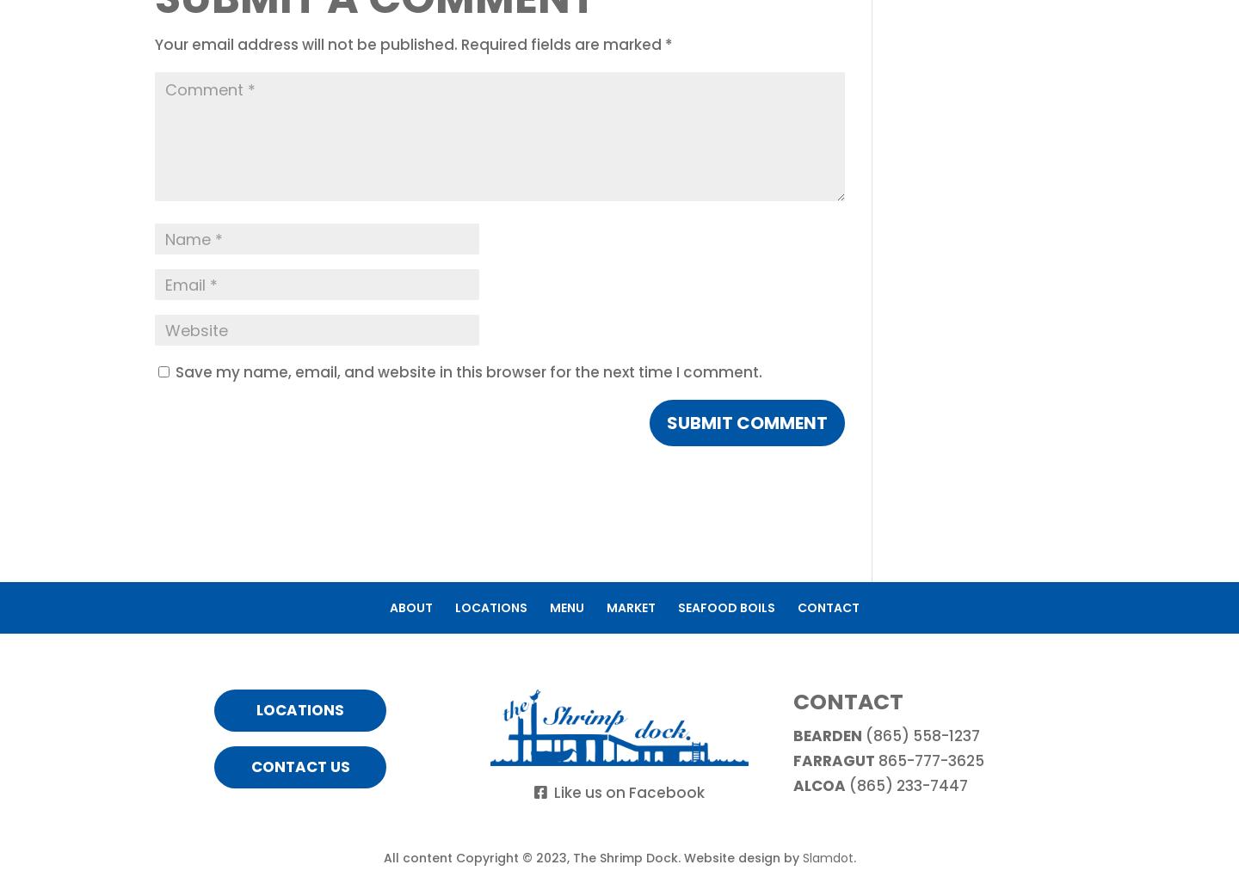  Describe the element at coordinates (626, 793) in the screenshot. I see `'Like us on Facebook'` at that location.